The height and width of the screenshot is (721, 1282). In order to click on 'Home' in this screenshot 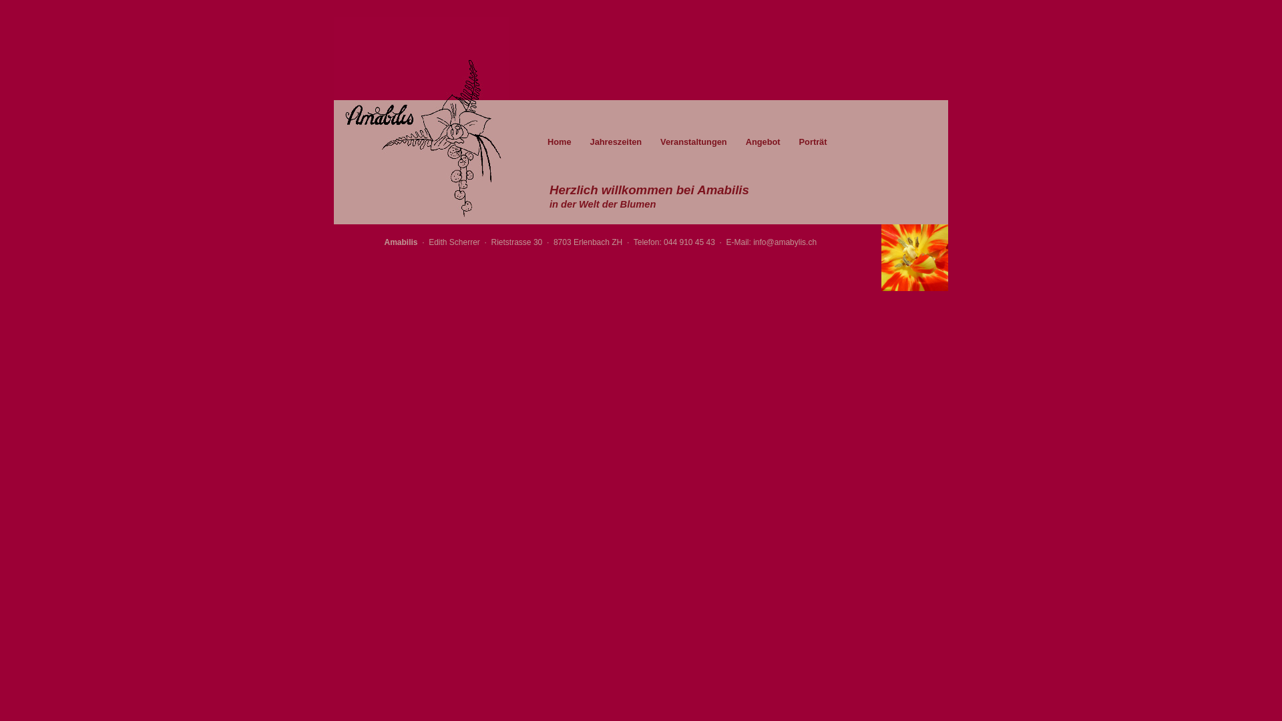, I will do `click(546, 142)`.